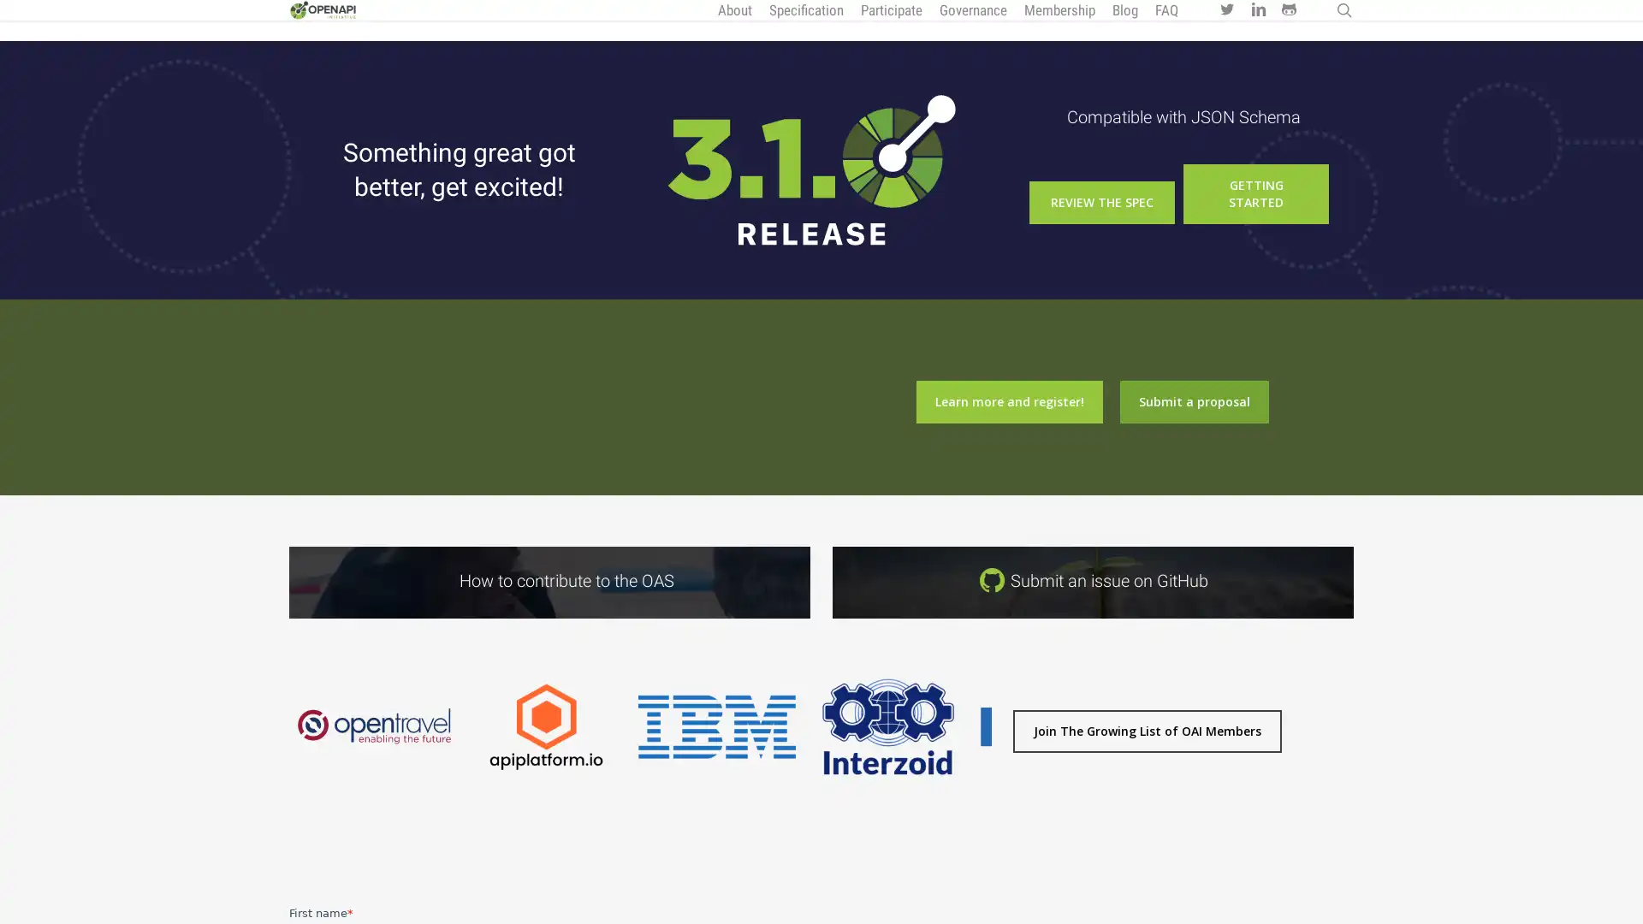 This screenshot has width=1643, height=924. Describe the element at coordinates (1000, 735) in the screenshot. I see `Next` at that location.